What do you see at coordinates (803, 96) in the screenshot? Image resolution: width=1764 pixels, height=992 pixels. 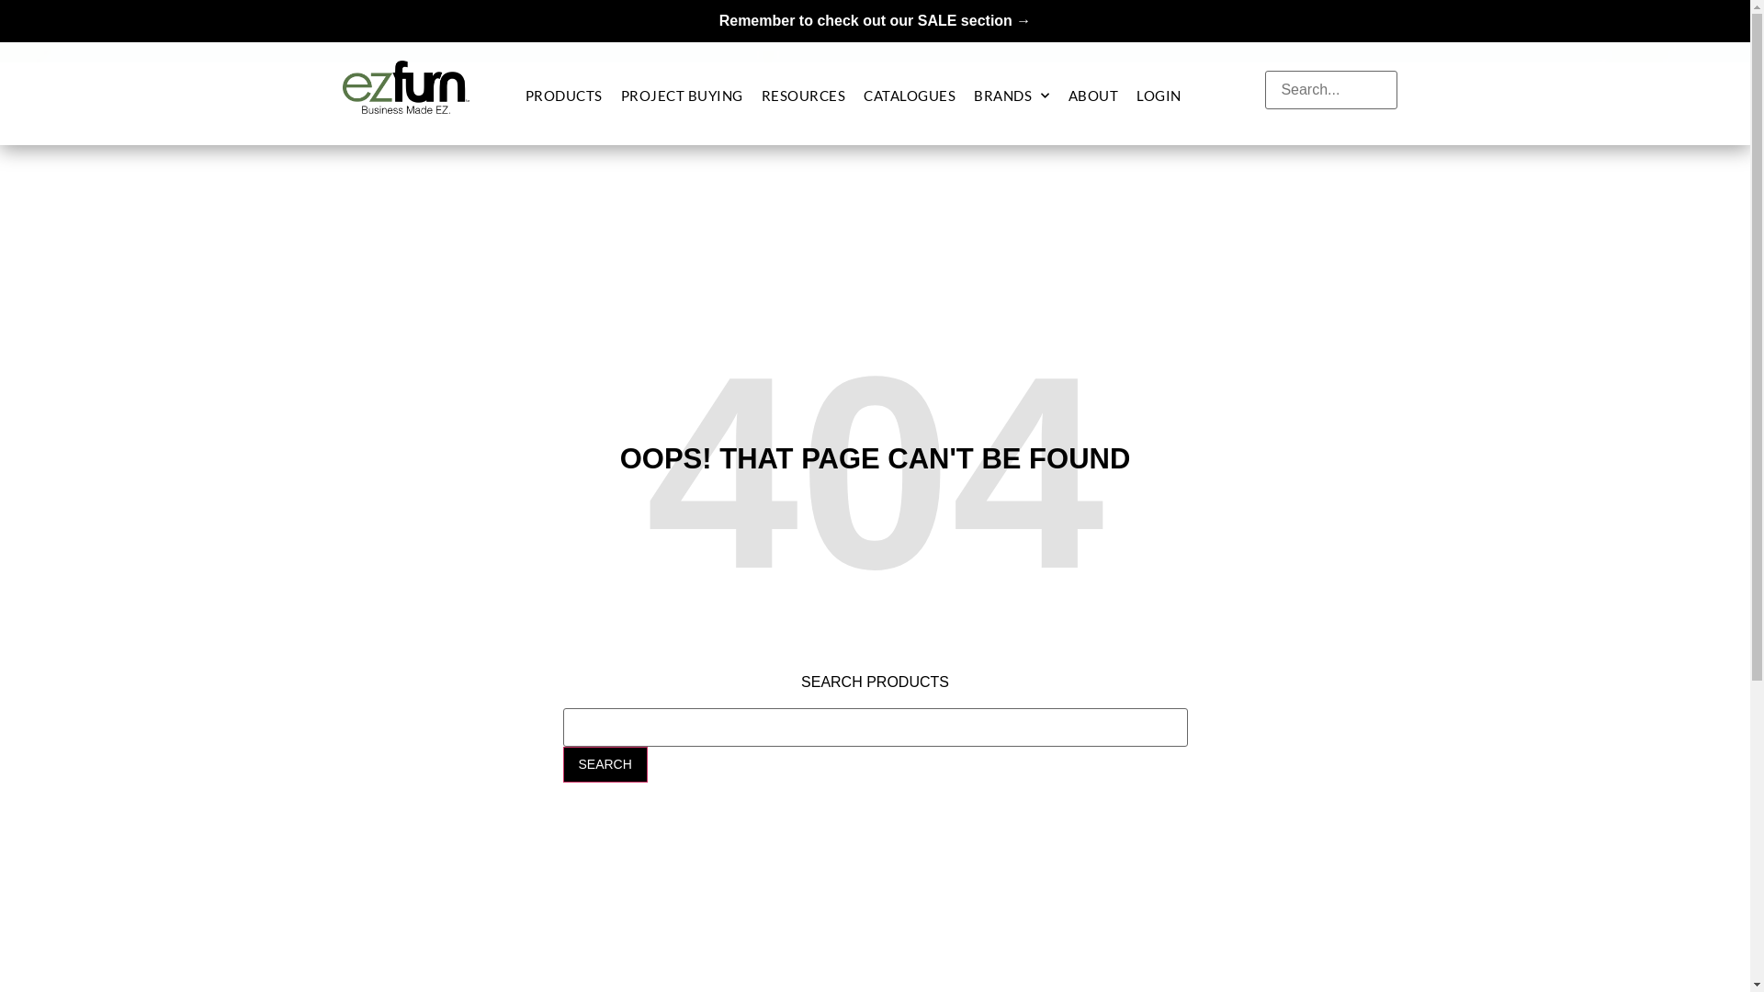 I see `'RESOURCES'` at bounding box center [803, 96].